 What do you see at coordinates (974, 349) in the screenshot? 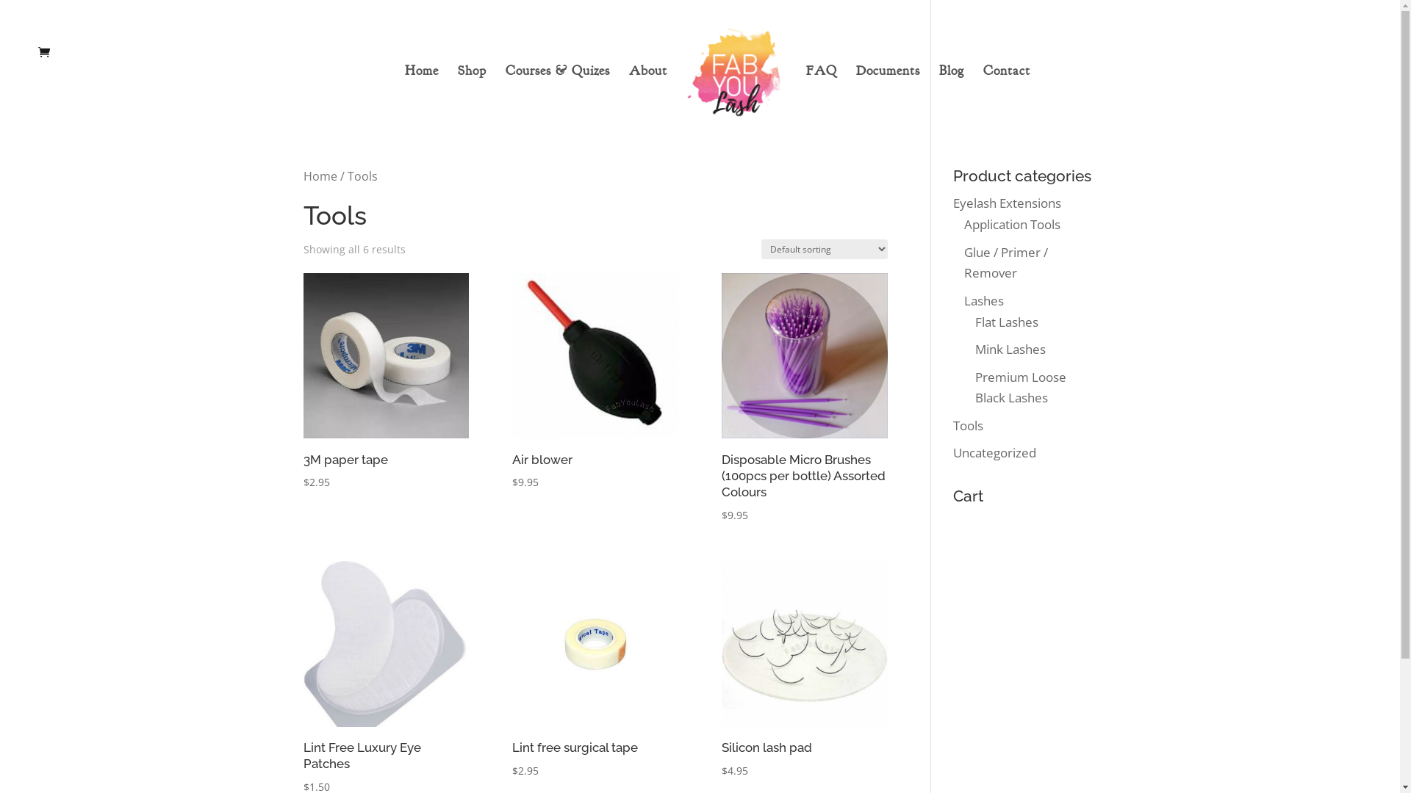
I see `'Mink Lashes'` at bounding box center [974, 349].